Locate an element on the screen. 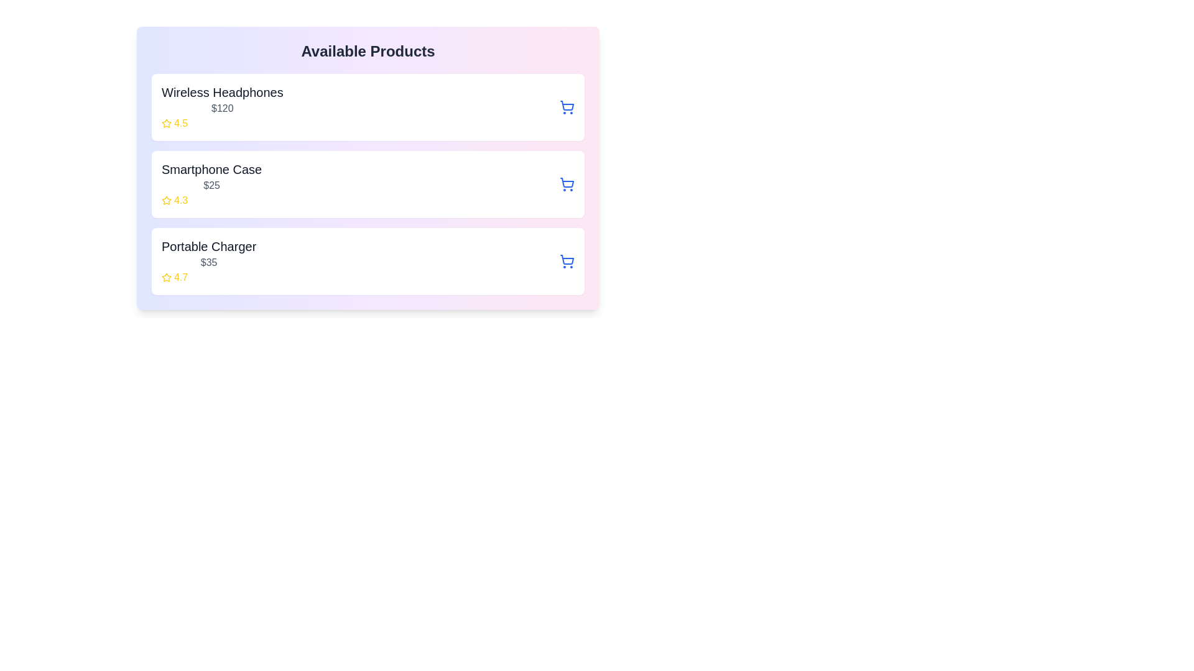  the product item Smartphone Case to view its hover effects is located at coordinates (367, 185).